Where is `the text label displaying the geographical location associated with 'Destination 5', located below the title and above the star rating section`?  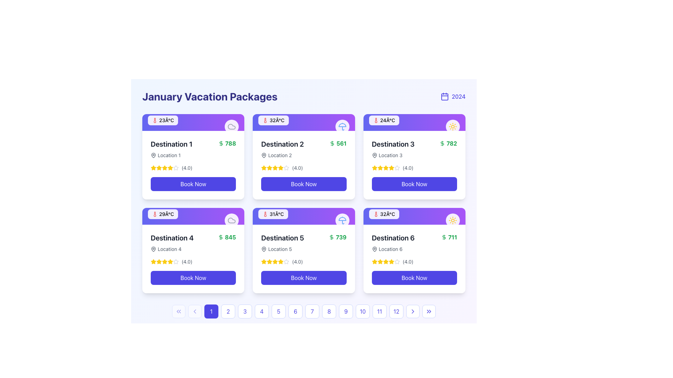
the text label displaying the geographical location associated with 'Destination 5', located below the title and above the star rating section is located at coordinates (283, 249).